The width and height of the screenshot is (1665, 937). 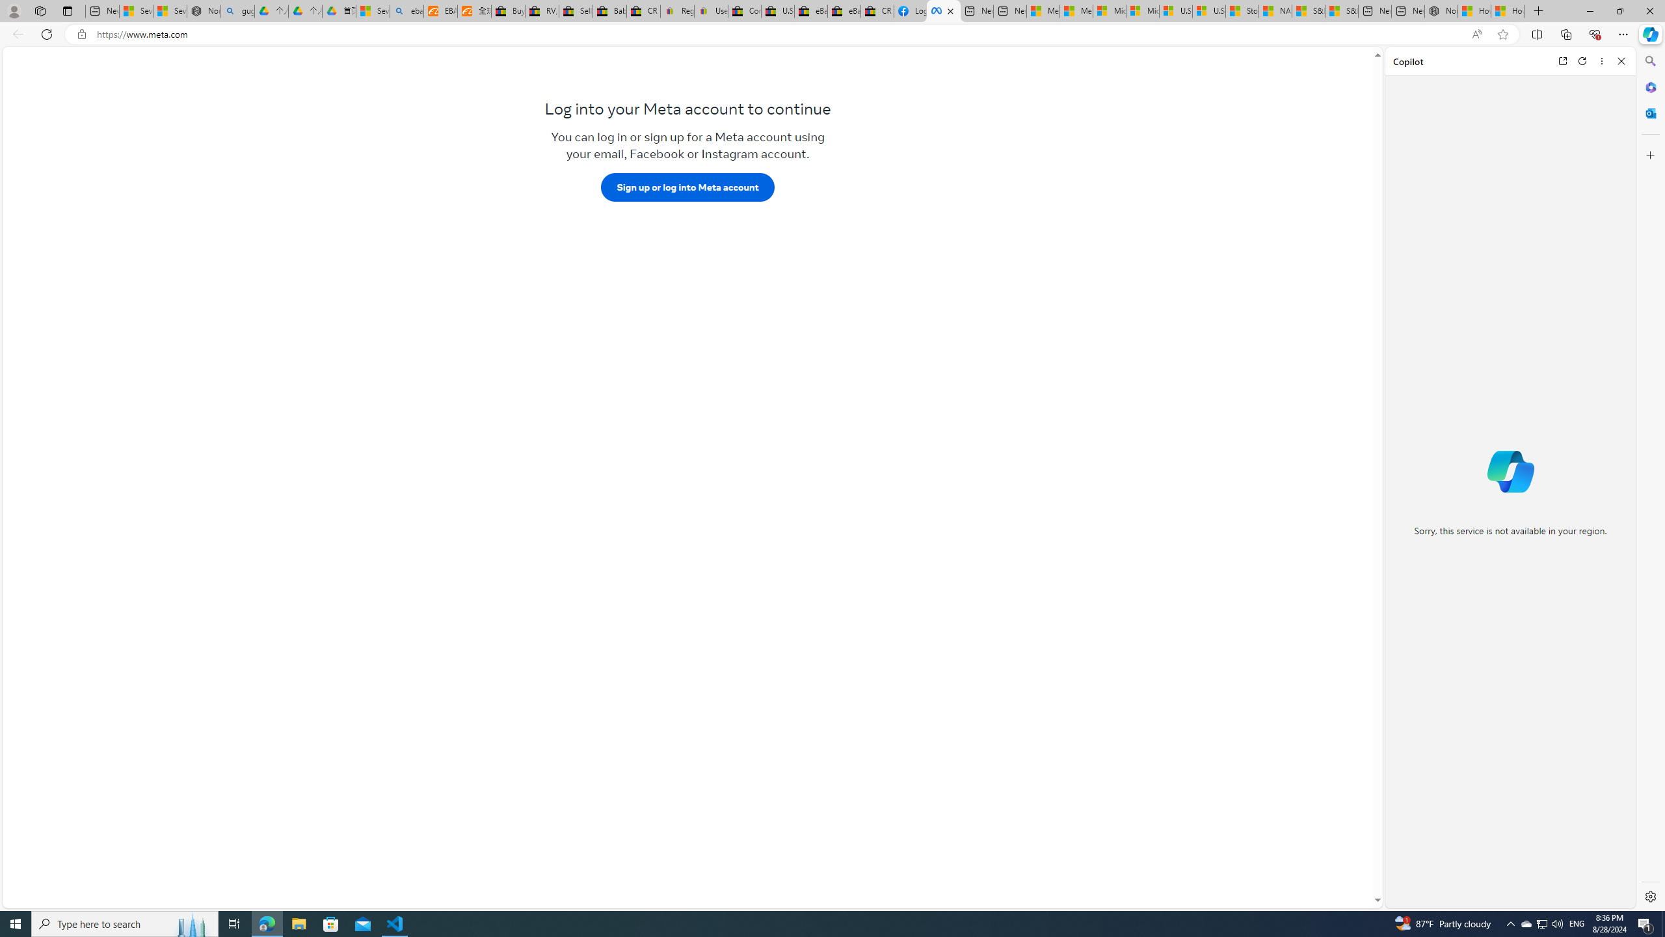 I want to click on 'Microsoft 365', so click(x=1649, y=87).